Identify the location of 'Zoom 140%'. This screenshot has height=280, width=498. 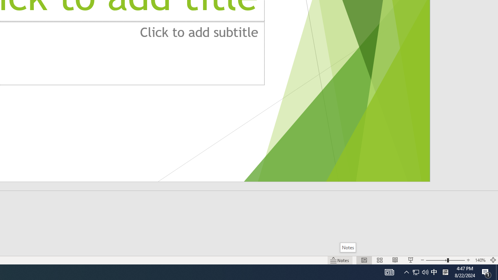
(480, 260).